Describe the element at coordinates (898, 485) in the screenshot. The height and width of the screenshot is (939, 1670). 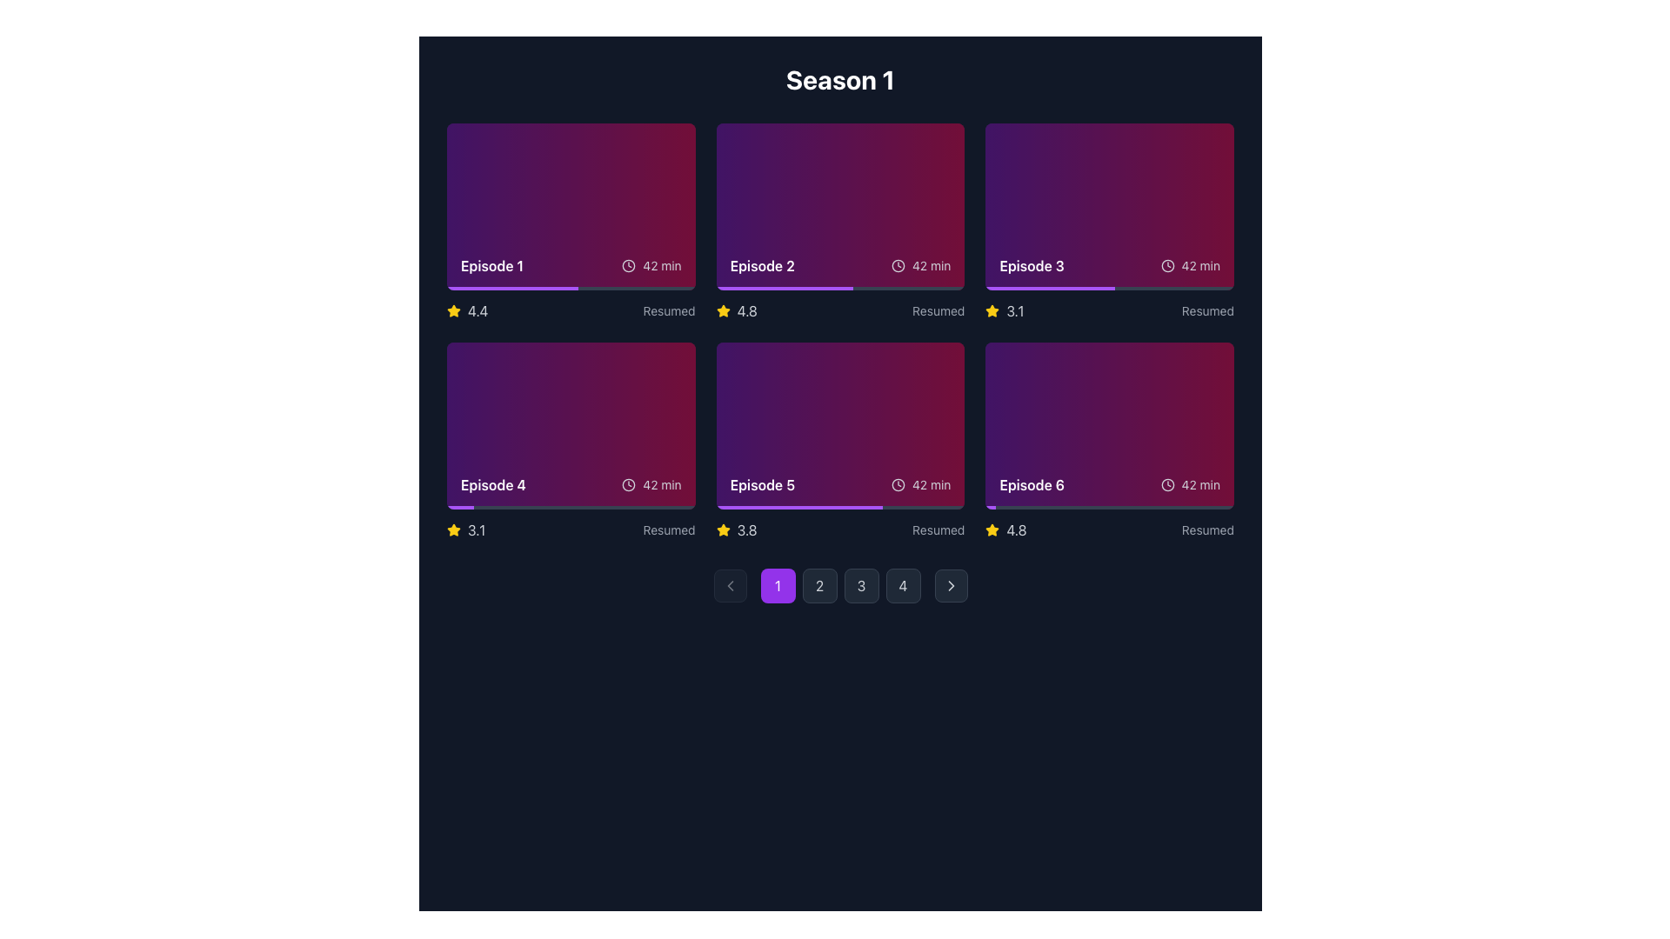
I see `the central circular component of the clock icon located in the upper-right corner of the episode 5 card in the season's episode listing` at that location.